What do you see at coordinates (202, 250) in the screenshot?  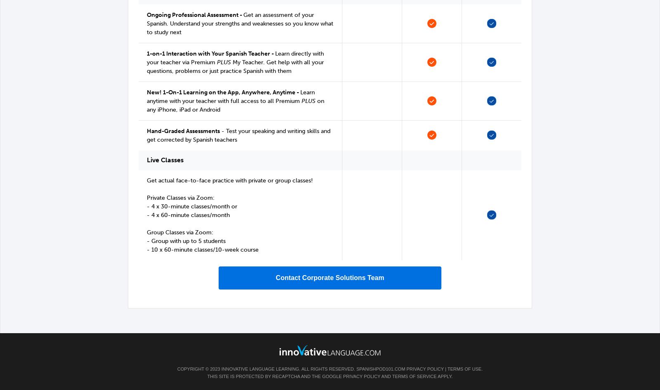 I see `'- 10 x 60-minute classes/10-week course'` at bounding box center [202, 250].